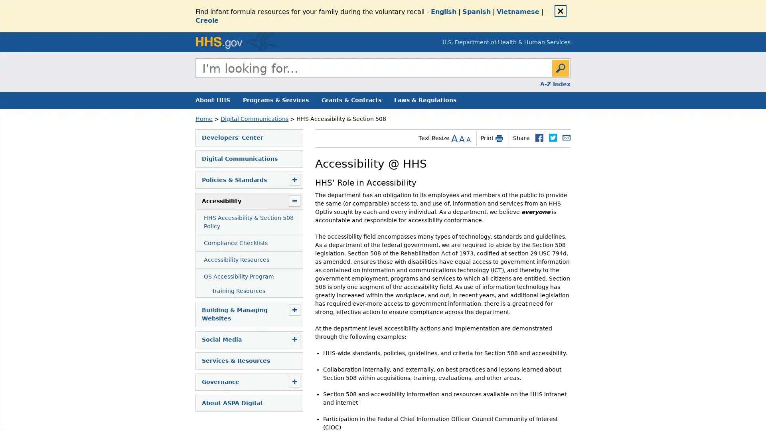  I want to click on Close, so click(570, 77).